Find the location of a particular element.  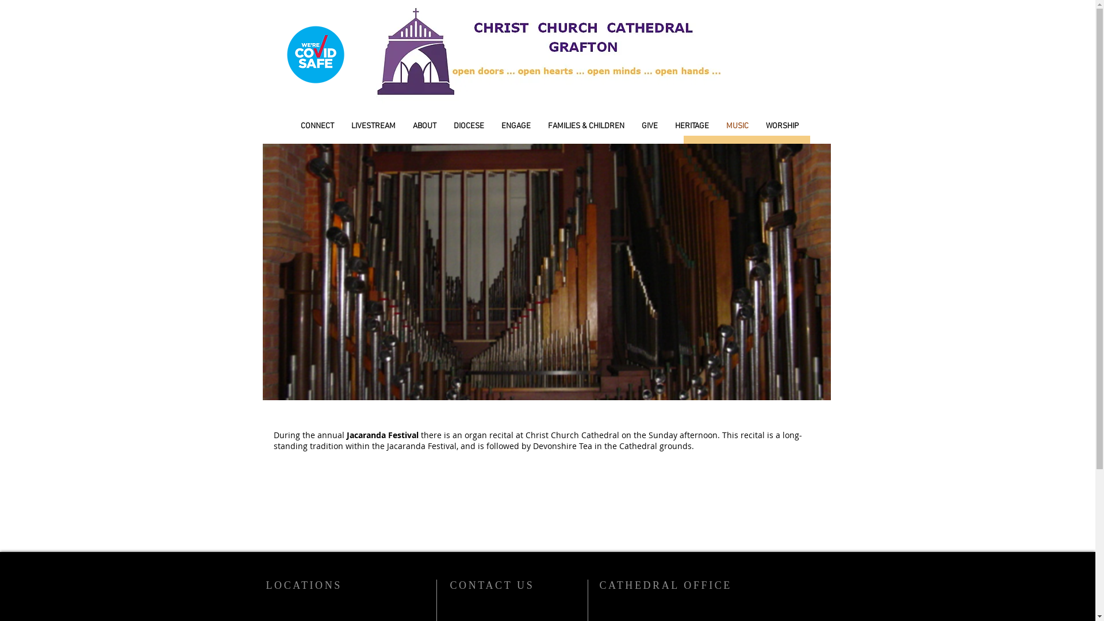

'WORSHIP' is located at coordinates (782, 126).